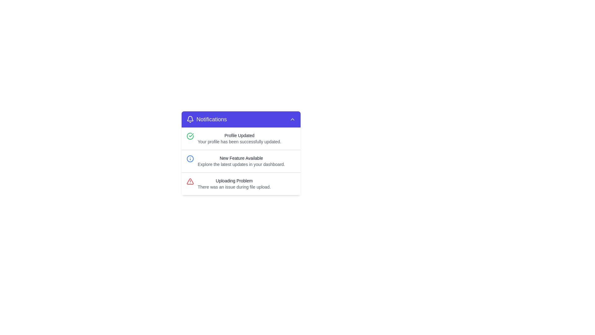 This screenshot has height=335, width=595. I want to click on the interactive button located in the top-right corner of the notification header bar titled 'Notifications', so click(292, 119).